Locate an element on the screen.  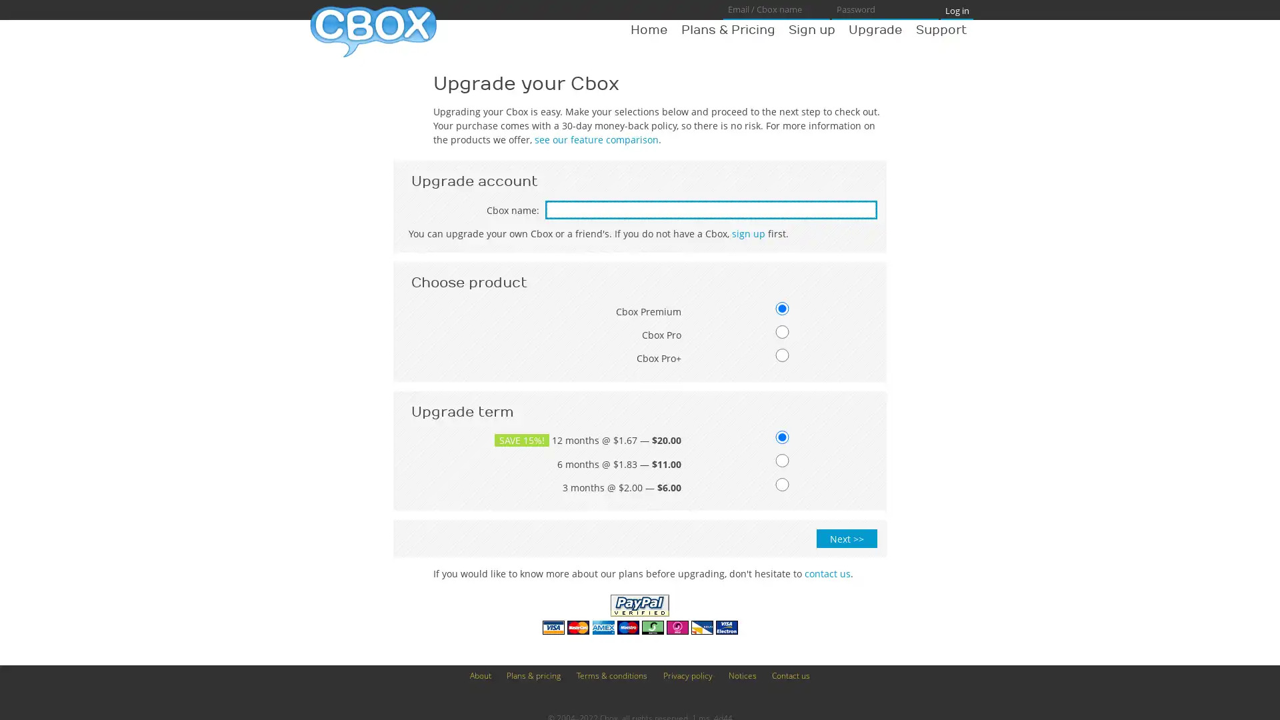
Next >> is located at coordinates (846, 537).